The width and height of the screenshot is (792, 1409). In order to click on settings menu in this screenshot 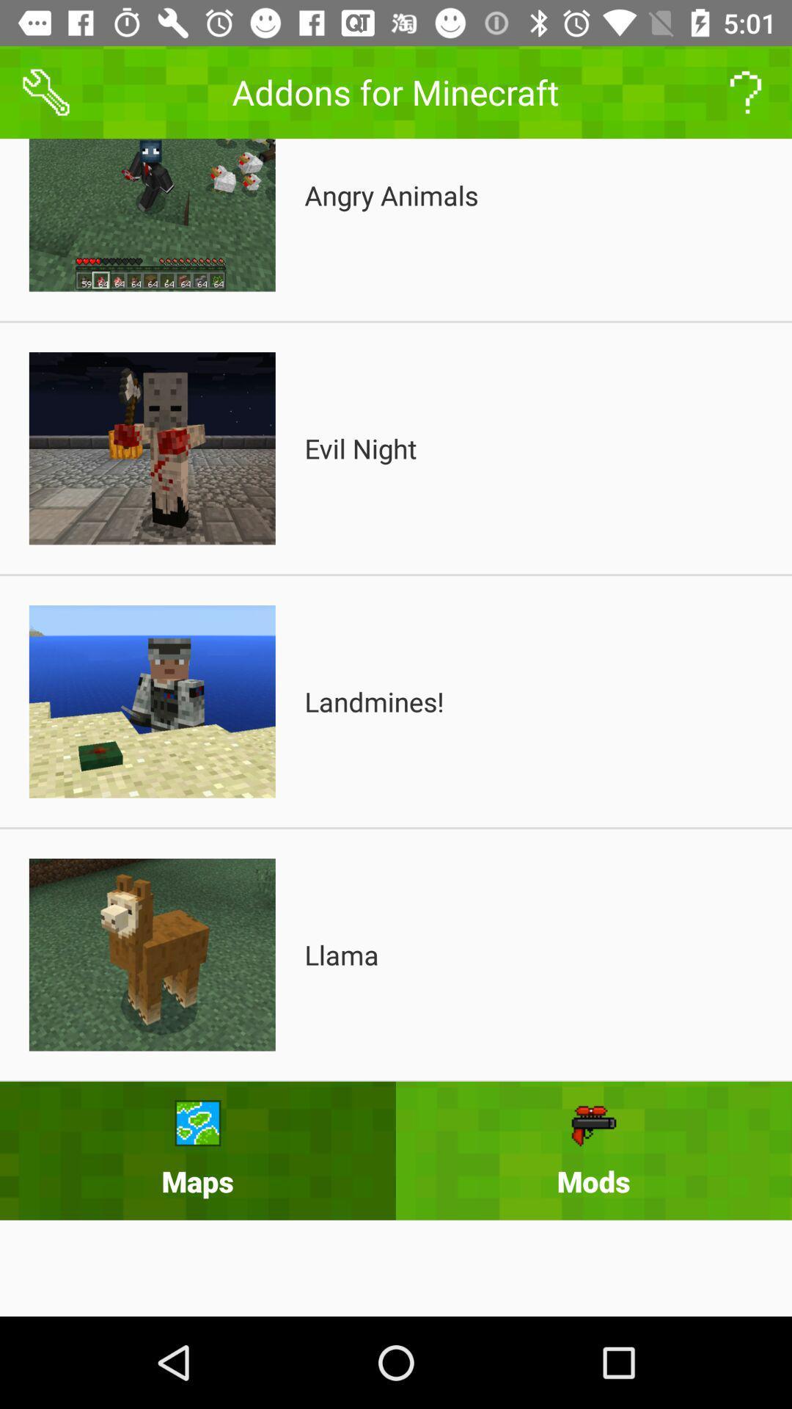, I will do `click(45, 91)`.